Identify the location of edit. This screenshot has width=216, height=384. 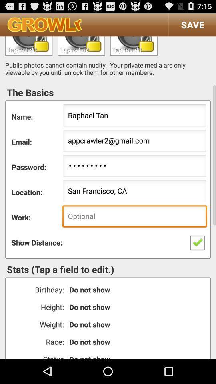
(81, 46).